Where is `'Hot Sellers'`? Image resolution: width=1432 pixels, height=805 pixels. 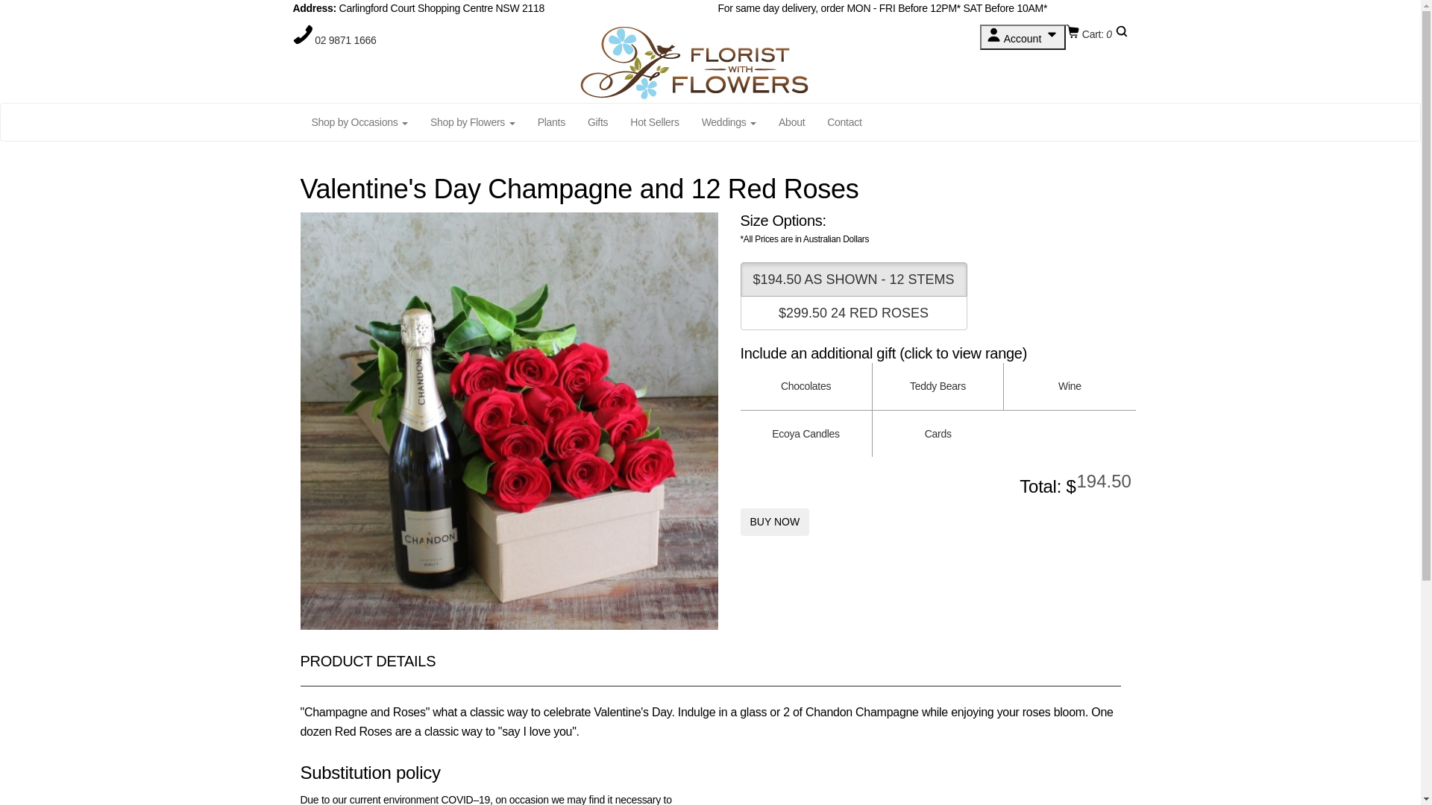 'Hot Sellers' is located at coordinates (654, 121).